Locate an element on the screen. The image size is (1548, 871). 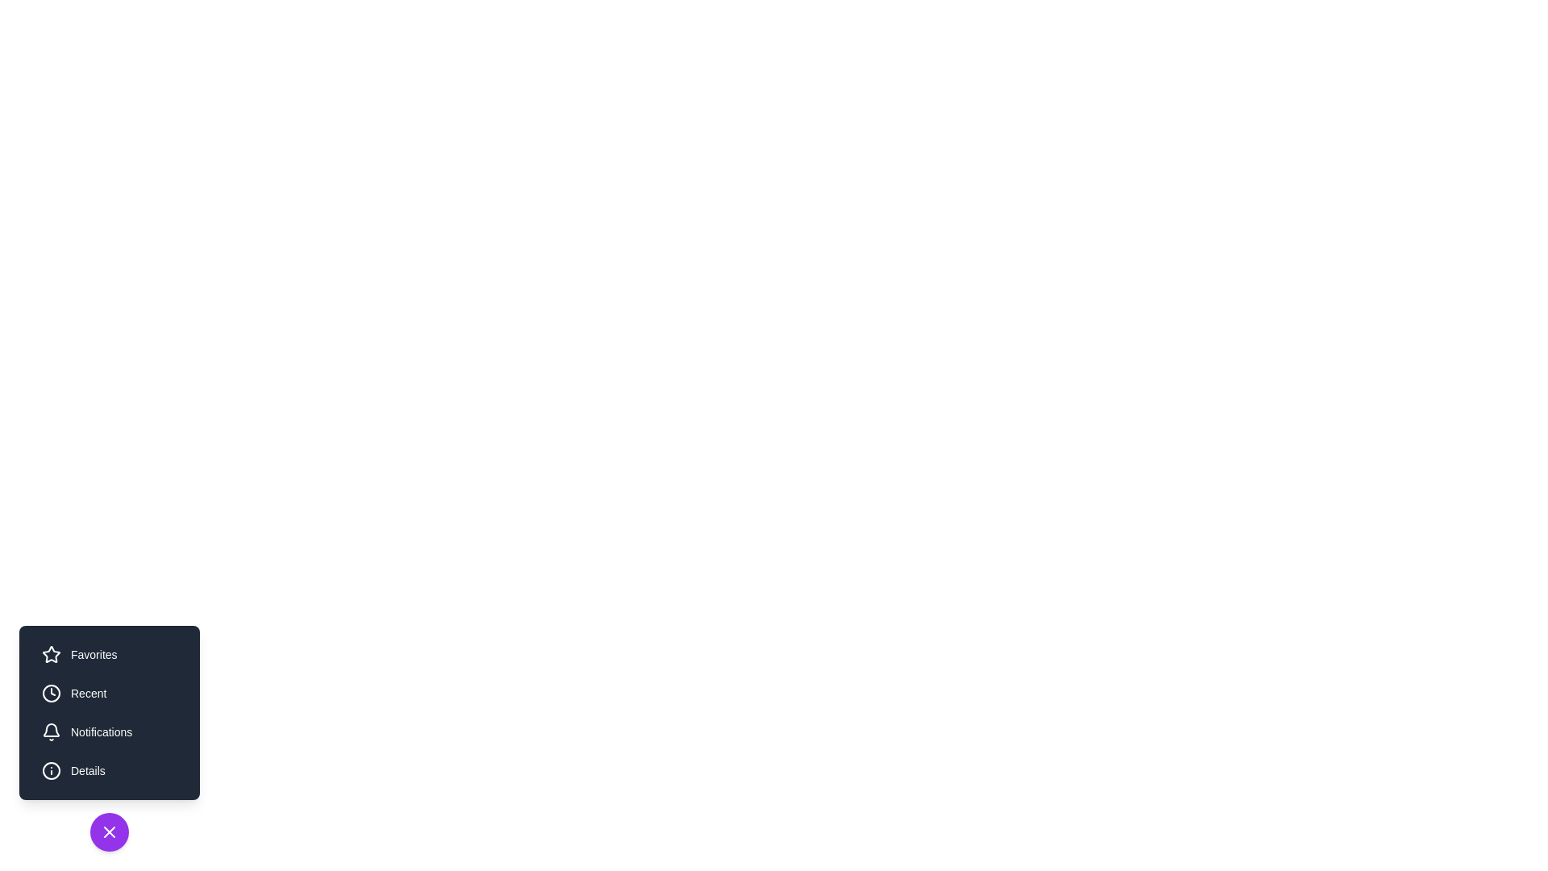
the utility button labeled Recent to observe its hover effect is located at coordinates (108, 693).